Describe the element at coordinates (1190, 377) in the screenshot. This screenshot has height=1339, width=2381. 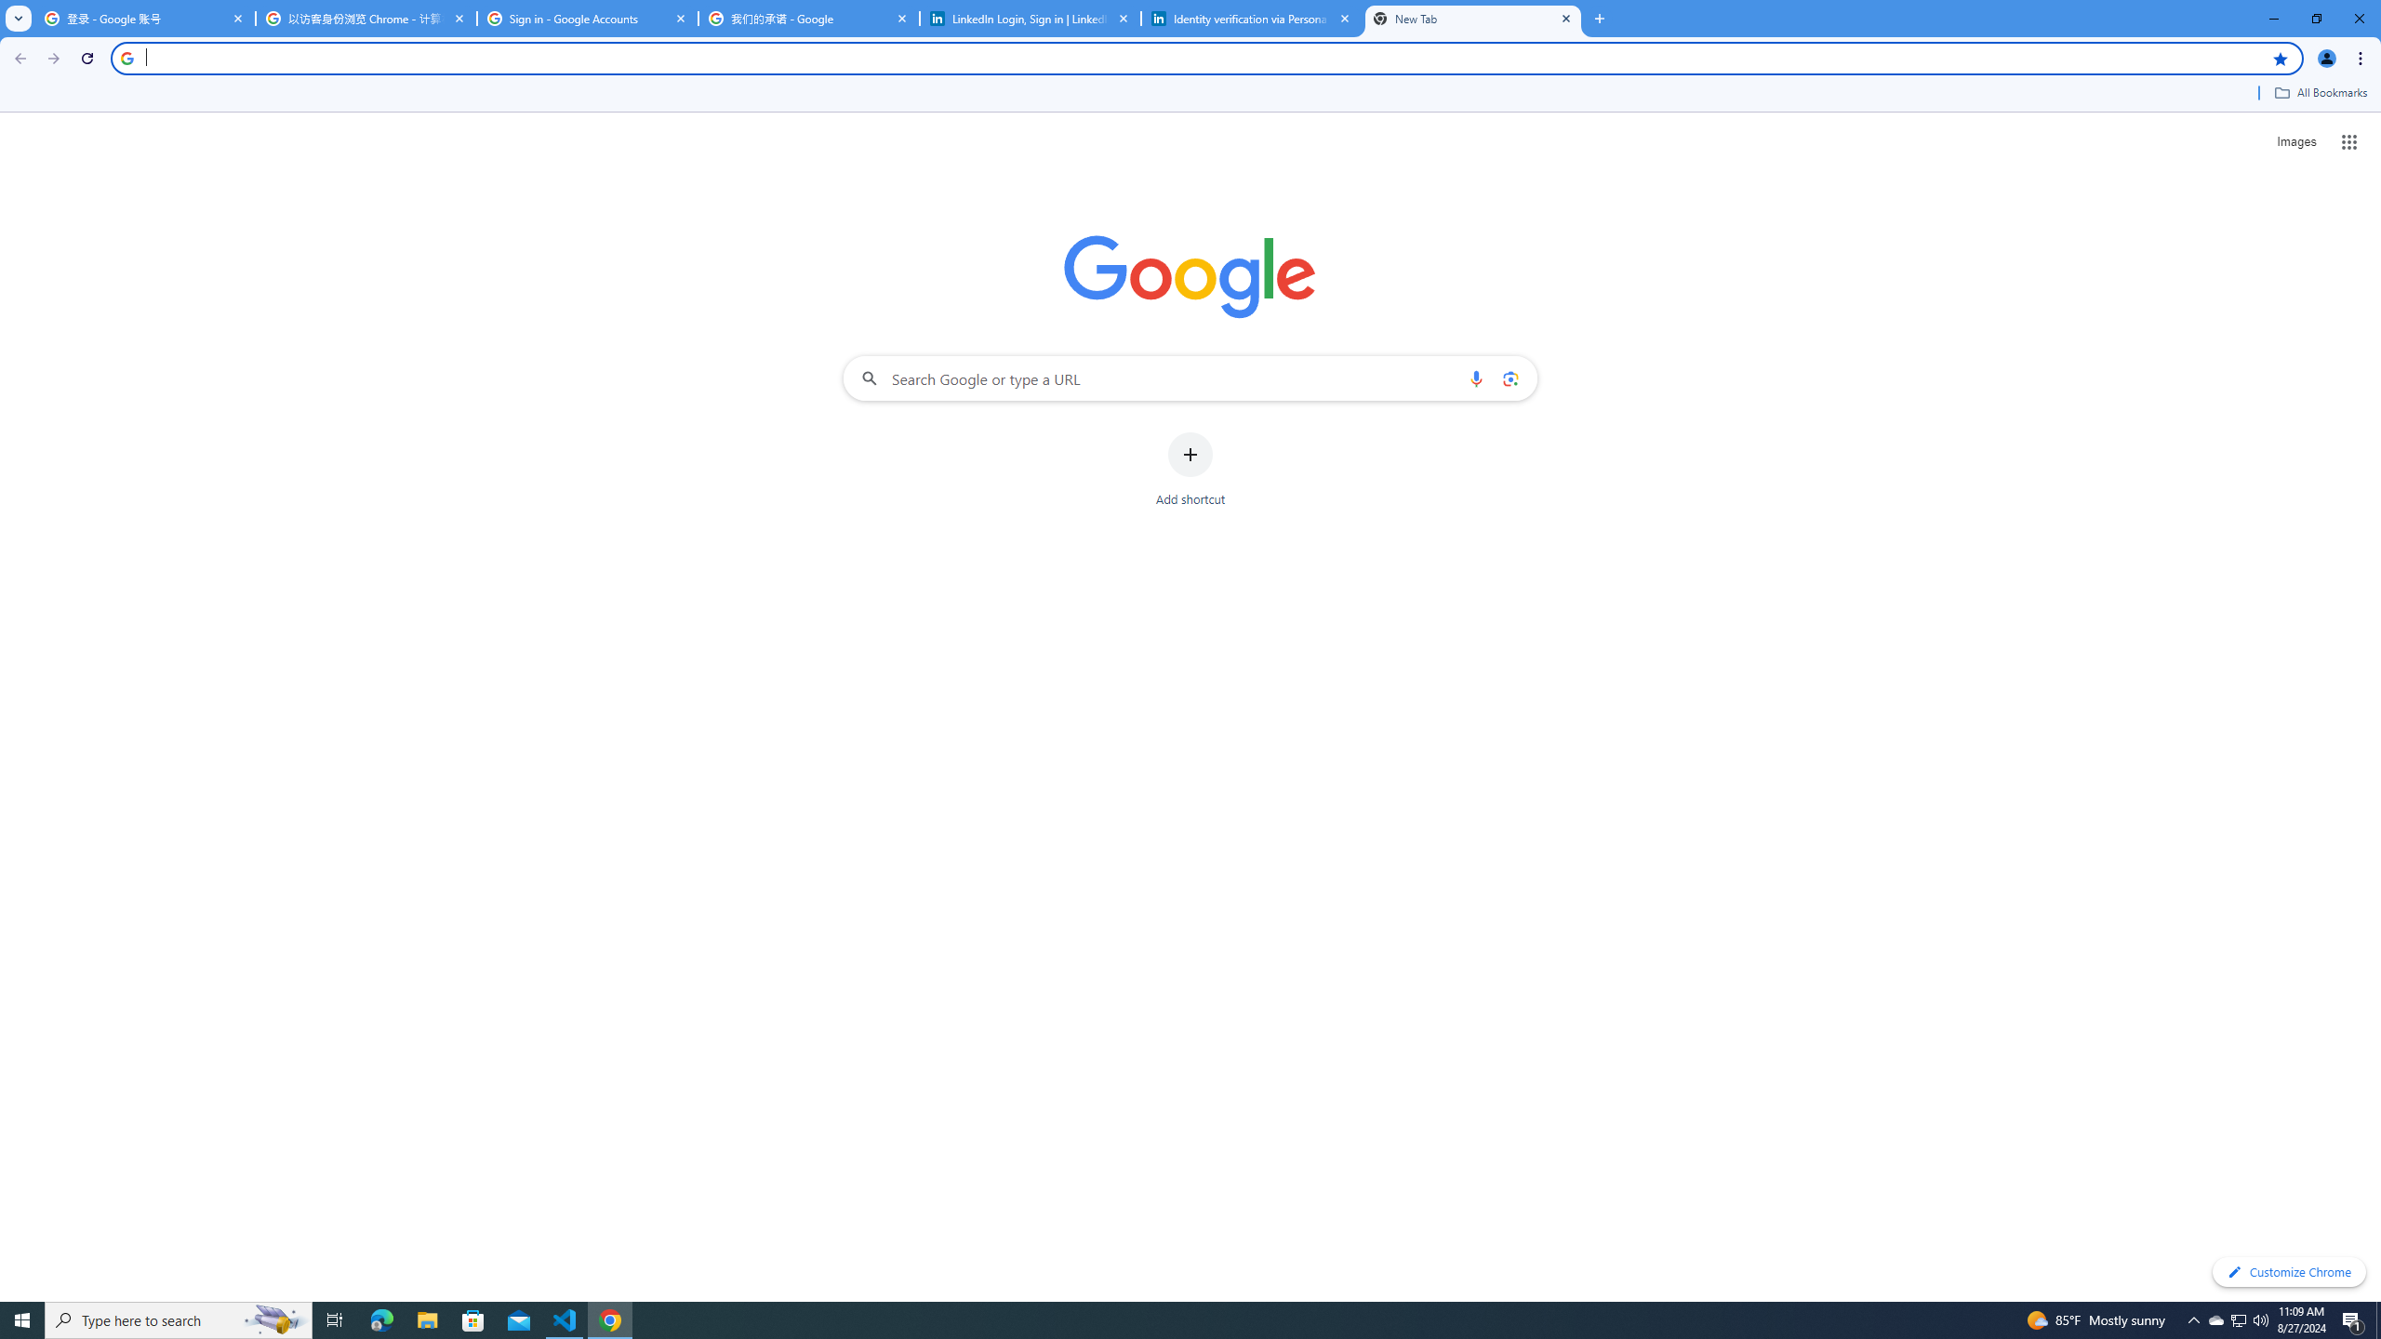
I see `'Search Google or type a URL'` at that location.